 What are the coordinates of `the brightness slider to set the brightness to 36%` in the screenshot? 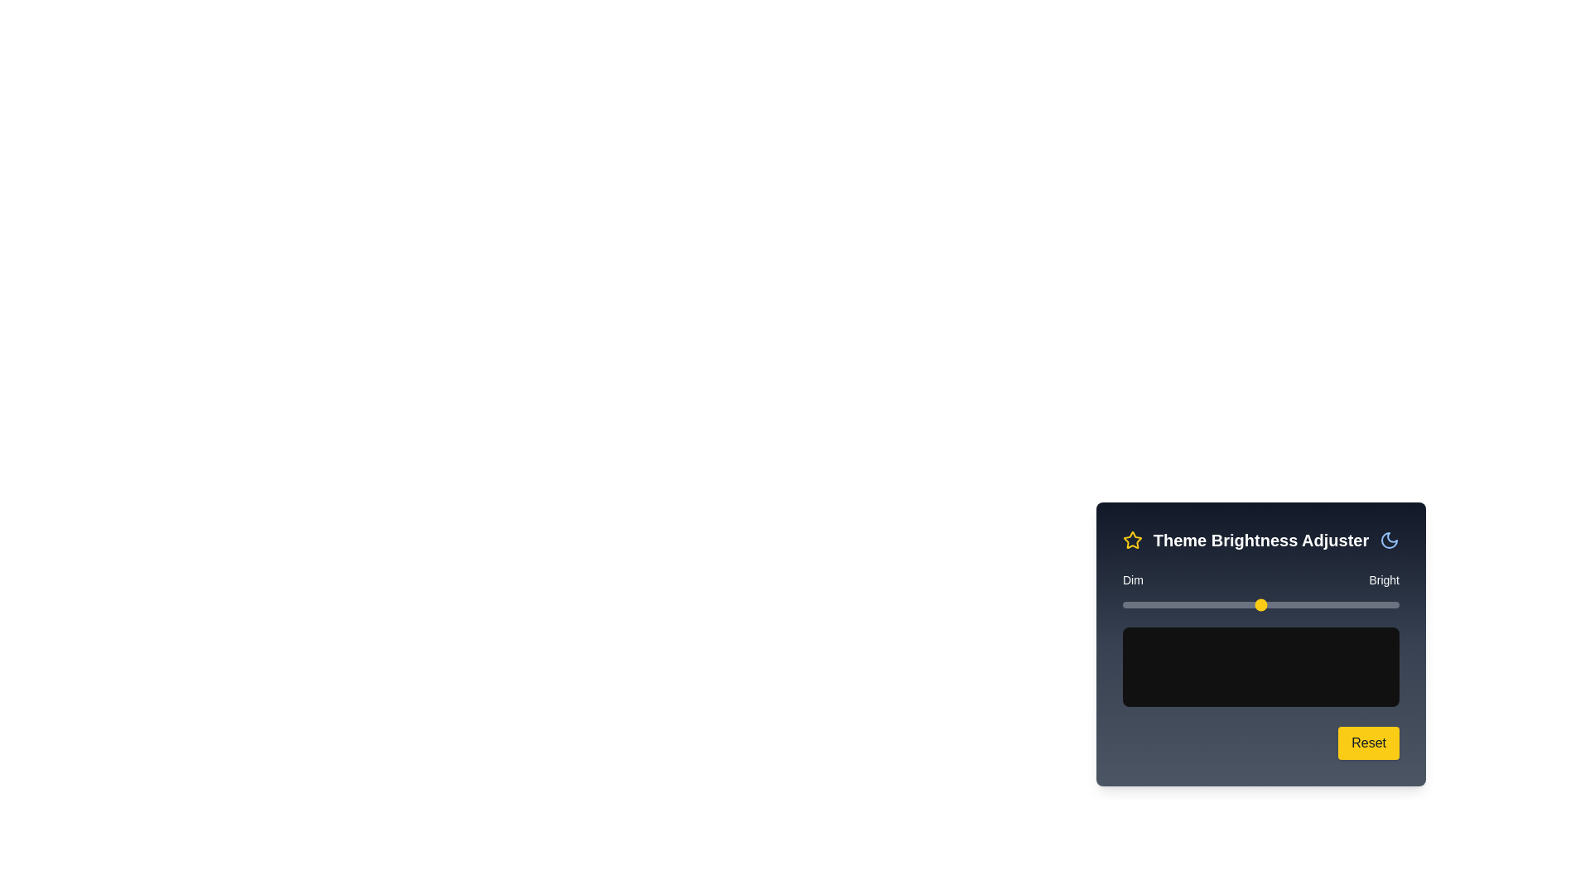 It's located at (1222, 605).